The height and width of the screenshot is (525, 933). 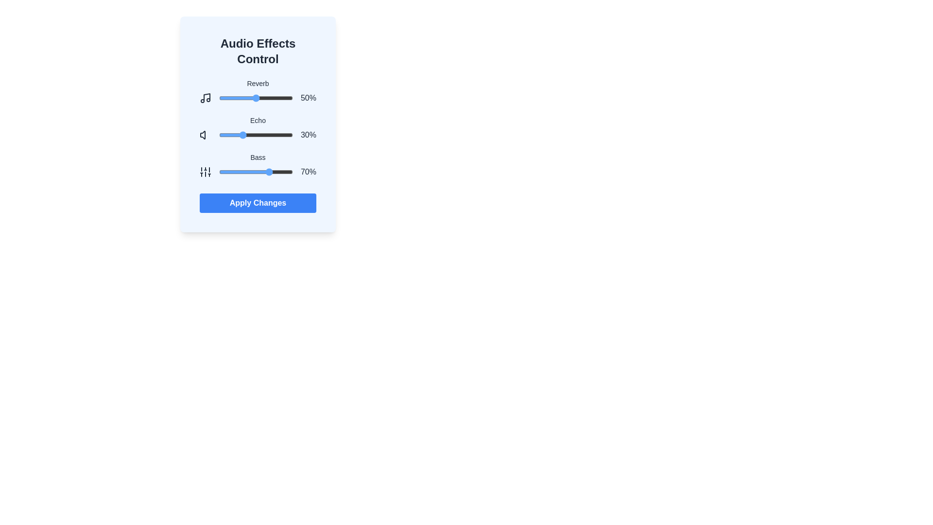 What do you see at coordinates (308, 172) in the screenshot?
I see `the text label displaying '70%' located to the right of the 'Bass' slider in the 'Audio Effects Control' panel` at bounding box center [308, 172].